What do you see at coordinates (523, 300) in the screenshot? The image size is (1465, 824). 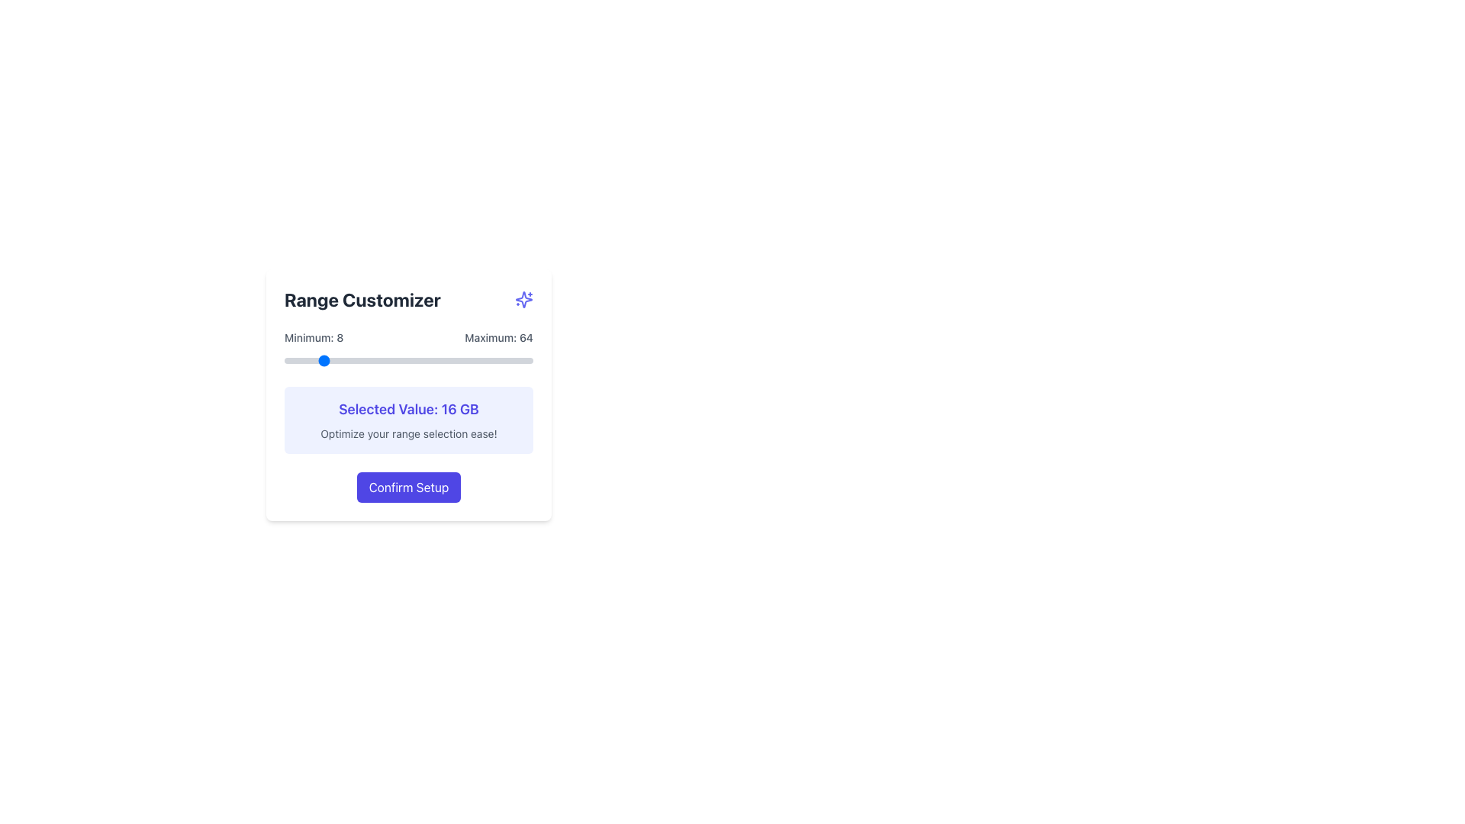 I see `the stylized indigo star-like icon with four points located in the top-right corner of the 'Range Customizer' card` at bounding box center [523, 300].